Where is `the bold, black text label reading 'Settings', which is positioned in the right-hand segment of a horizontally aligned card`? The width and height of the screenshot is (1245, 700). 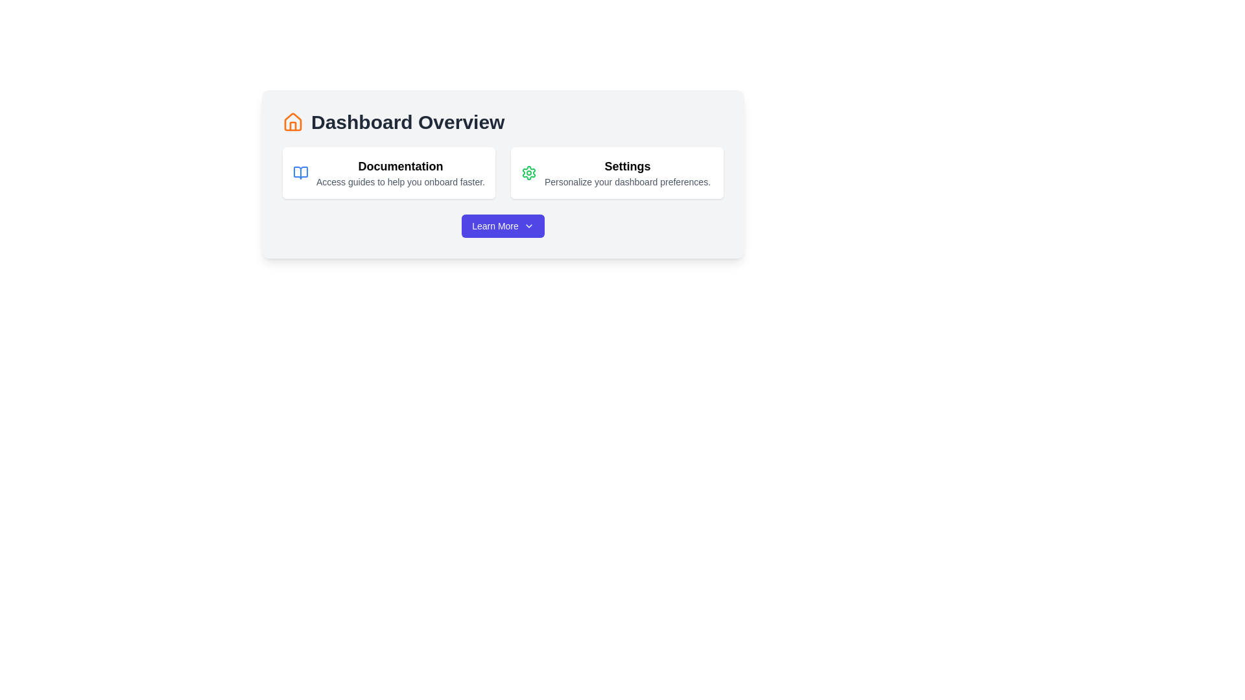 the bold, black text label reading 'Settings', which is positioned in the right-hand segment of a horizontally aligned card is located at coordinates (628, 166).